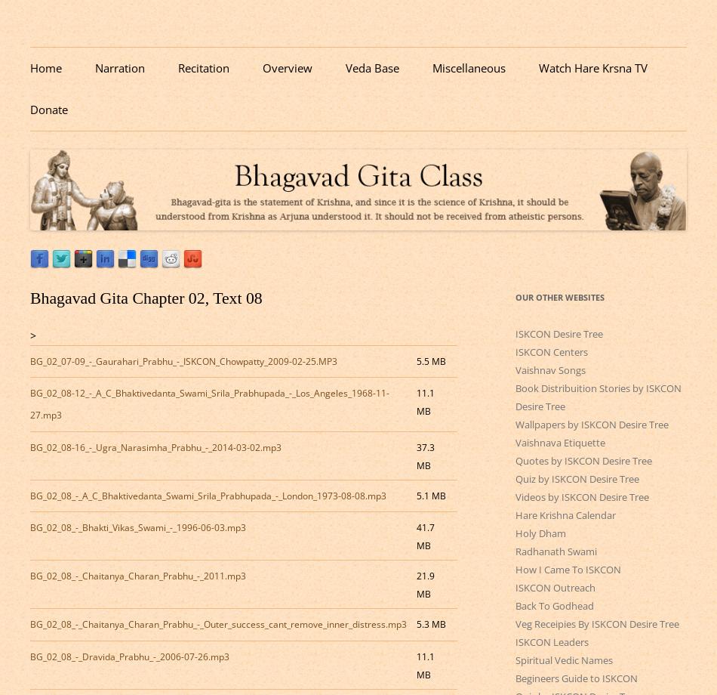  Describe the element at coordinates (137, 527) in the screenshot. I see `'BG_02_08_-_Bhakti_Vikas_Swami_-_1996-06-03.mp3'` at that location.